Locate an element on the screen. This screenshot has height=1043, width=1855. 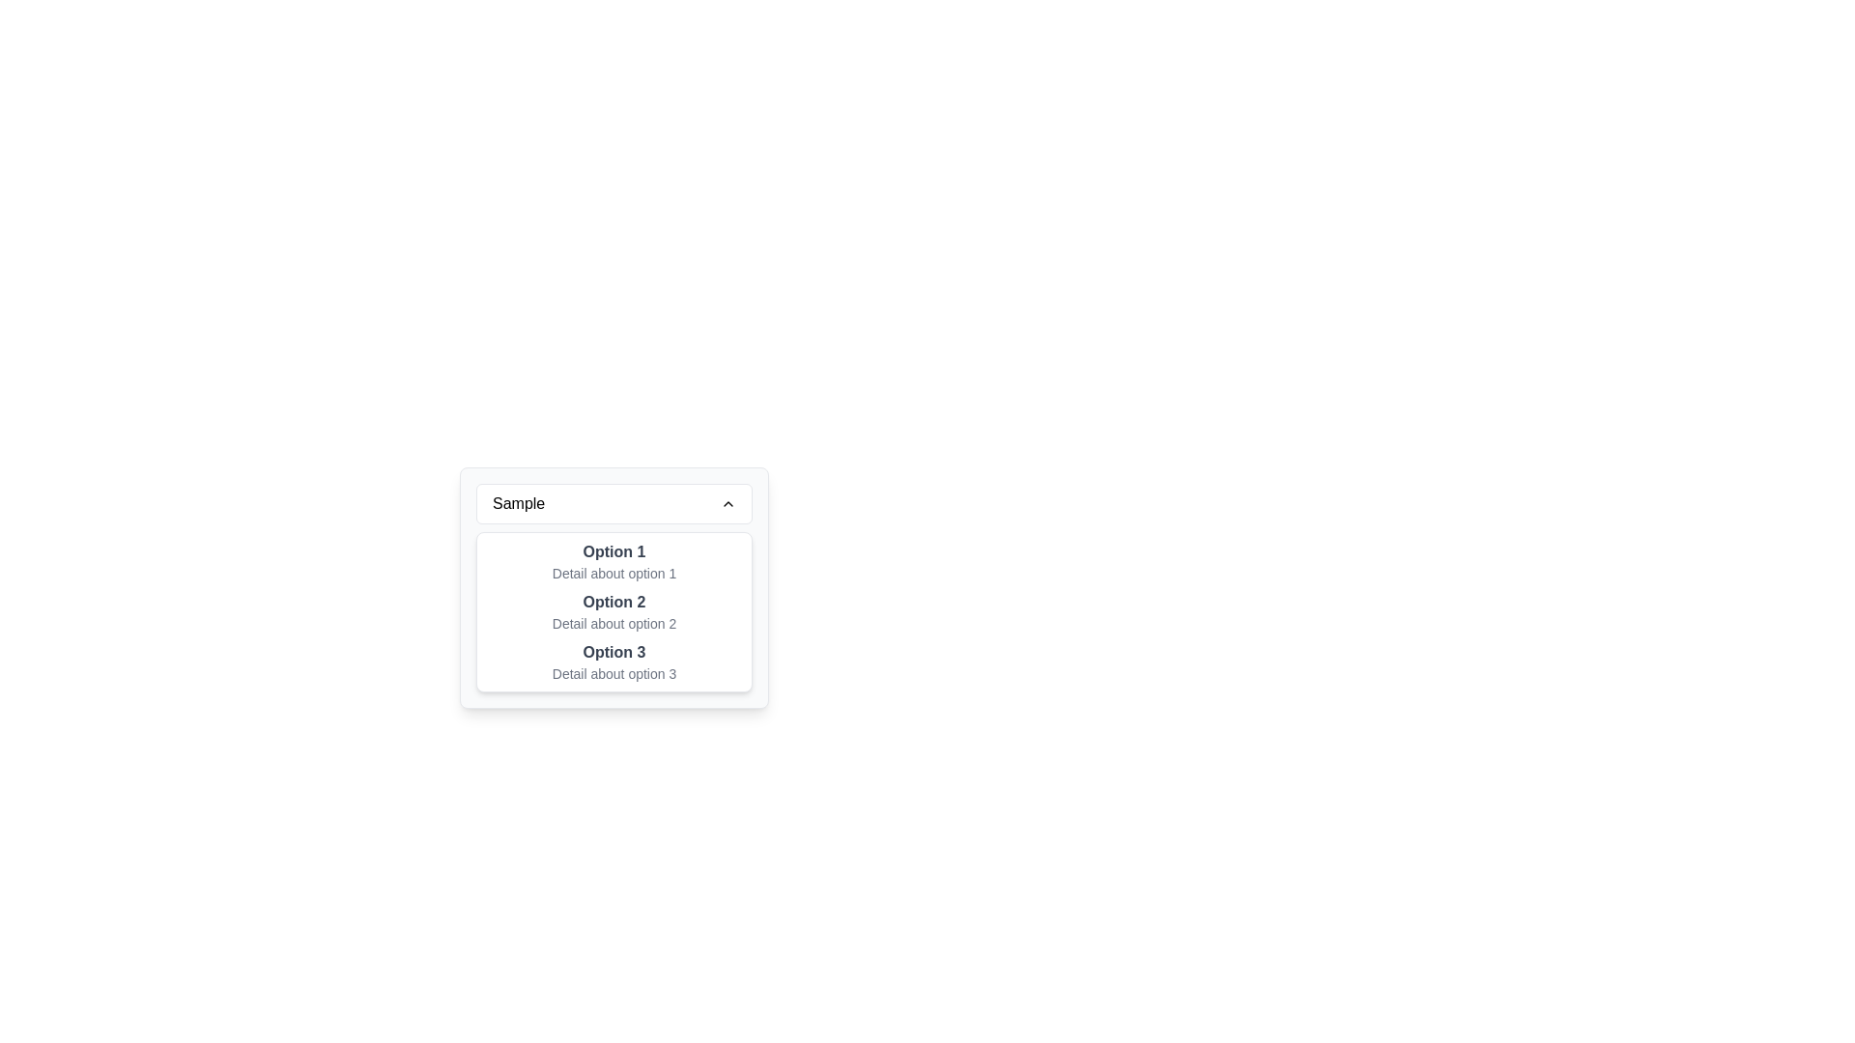
the text label for the third option in the dropdown is located at coordinates (613, 652).